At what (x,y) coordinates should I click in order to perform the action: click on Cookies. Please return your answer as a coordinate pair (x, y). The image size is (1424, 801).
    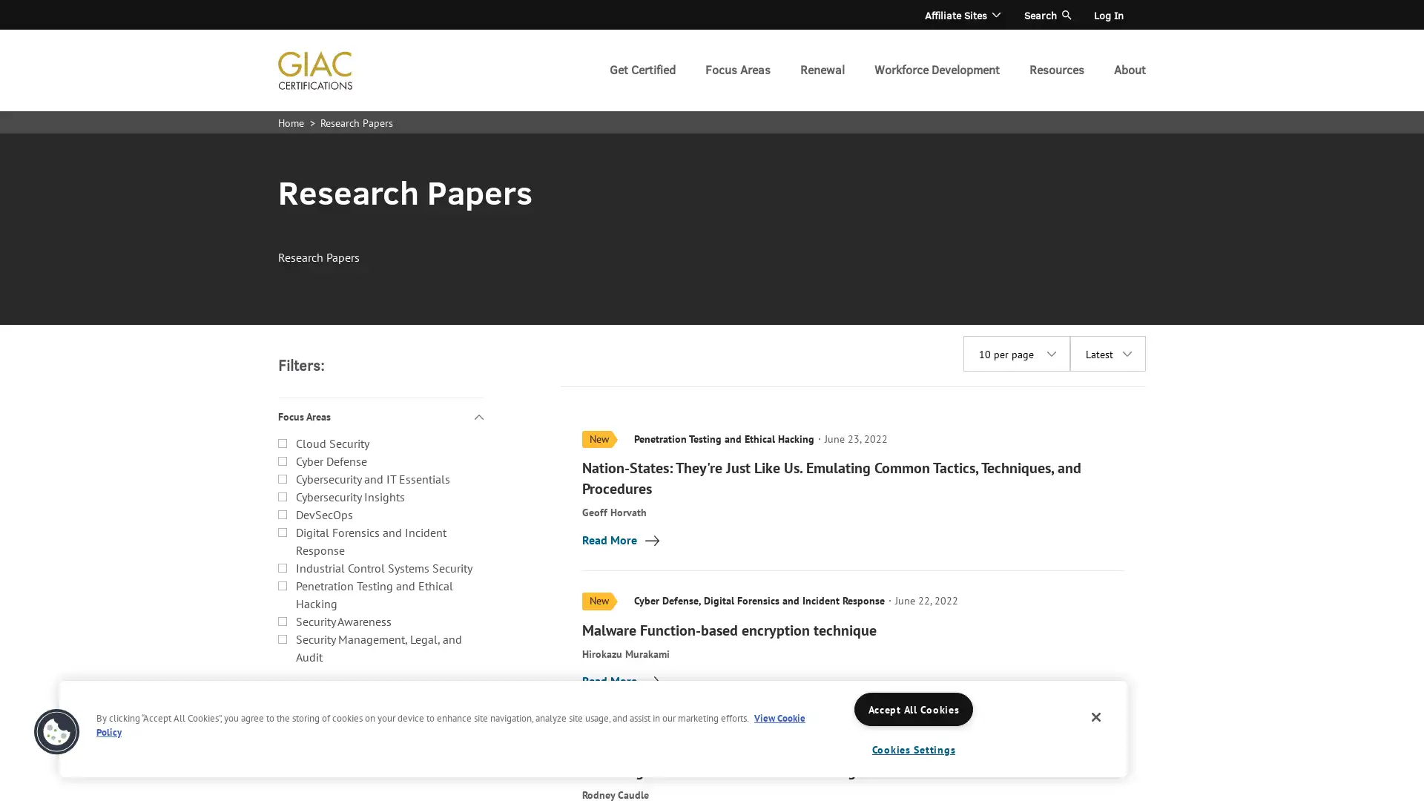
    Looking at the image, I should click on (56, 731).